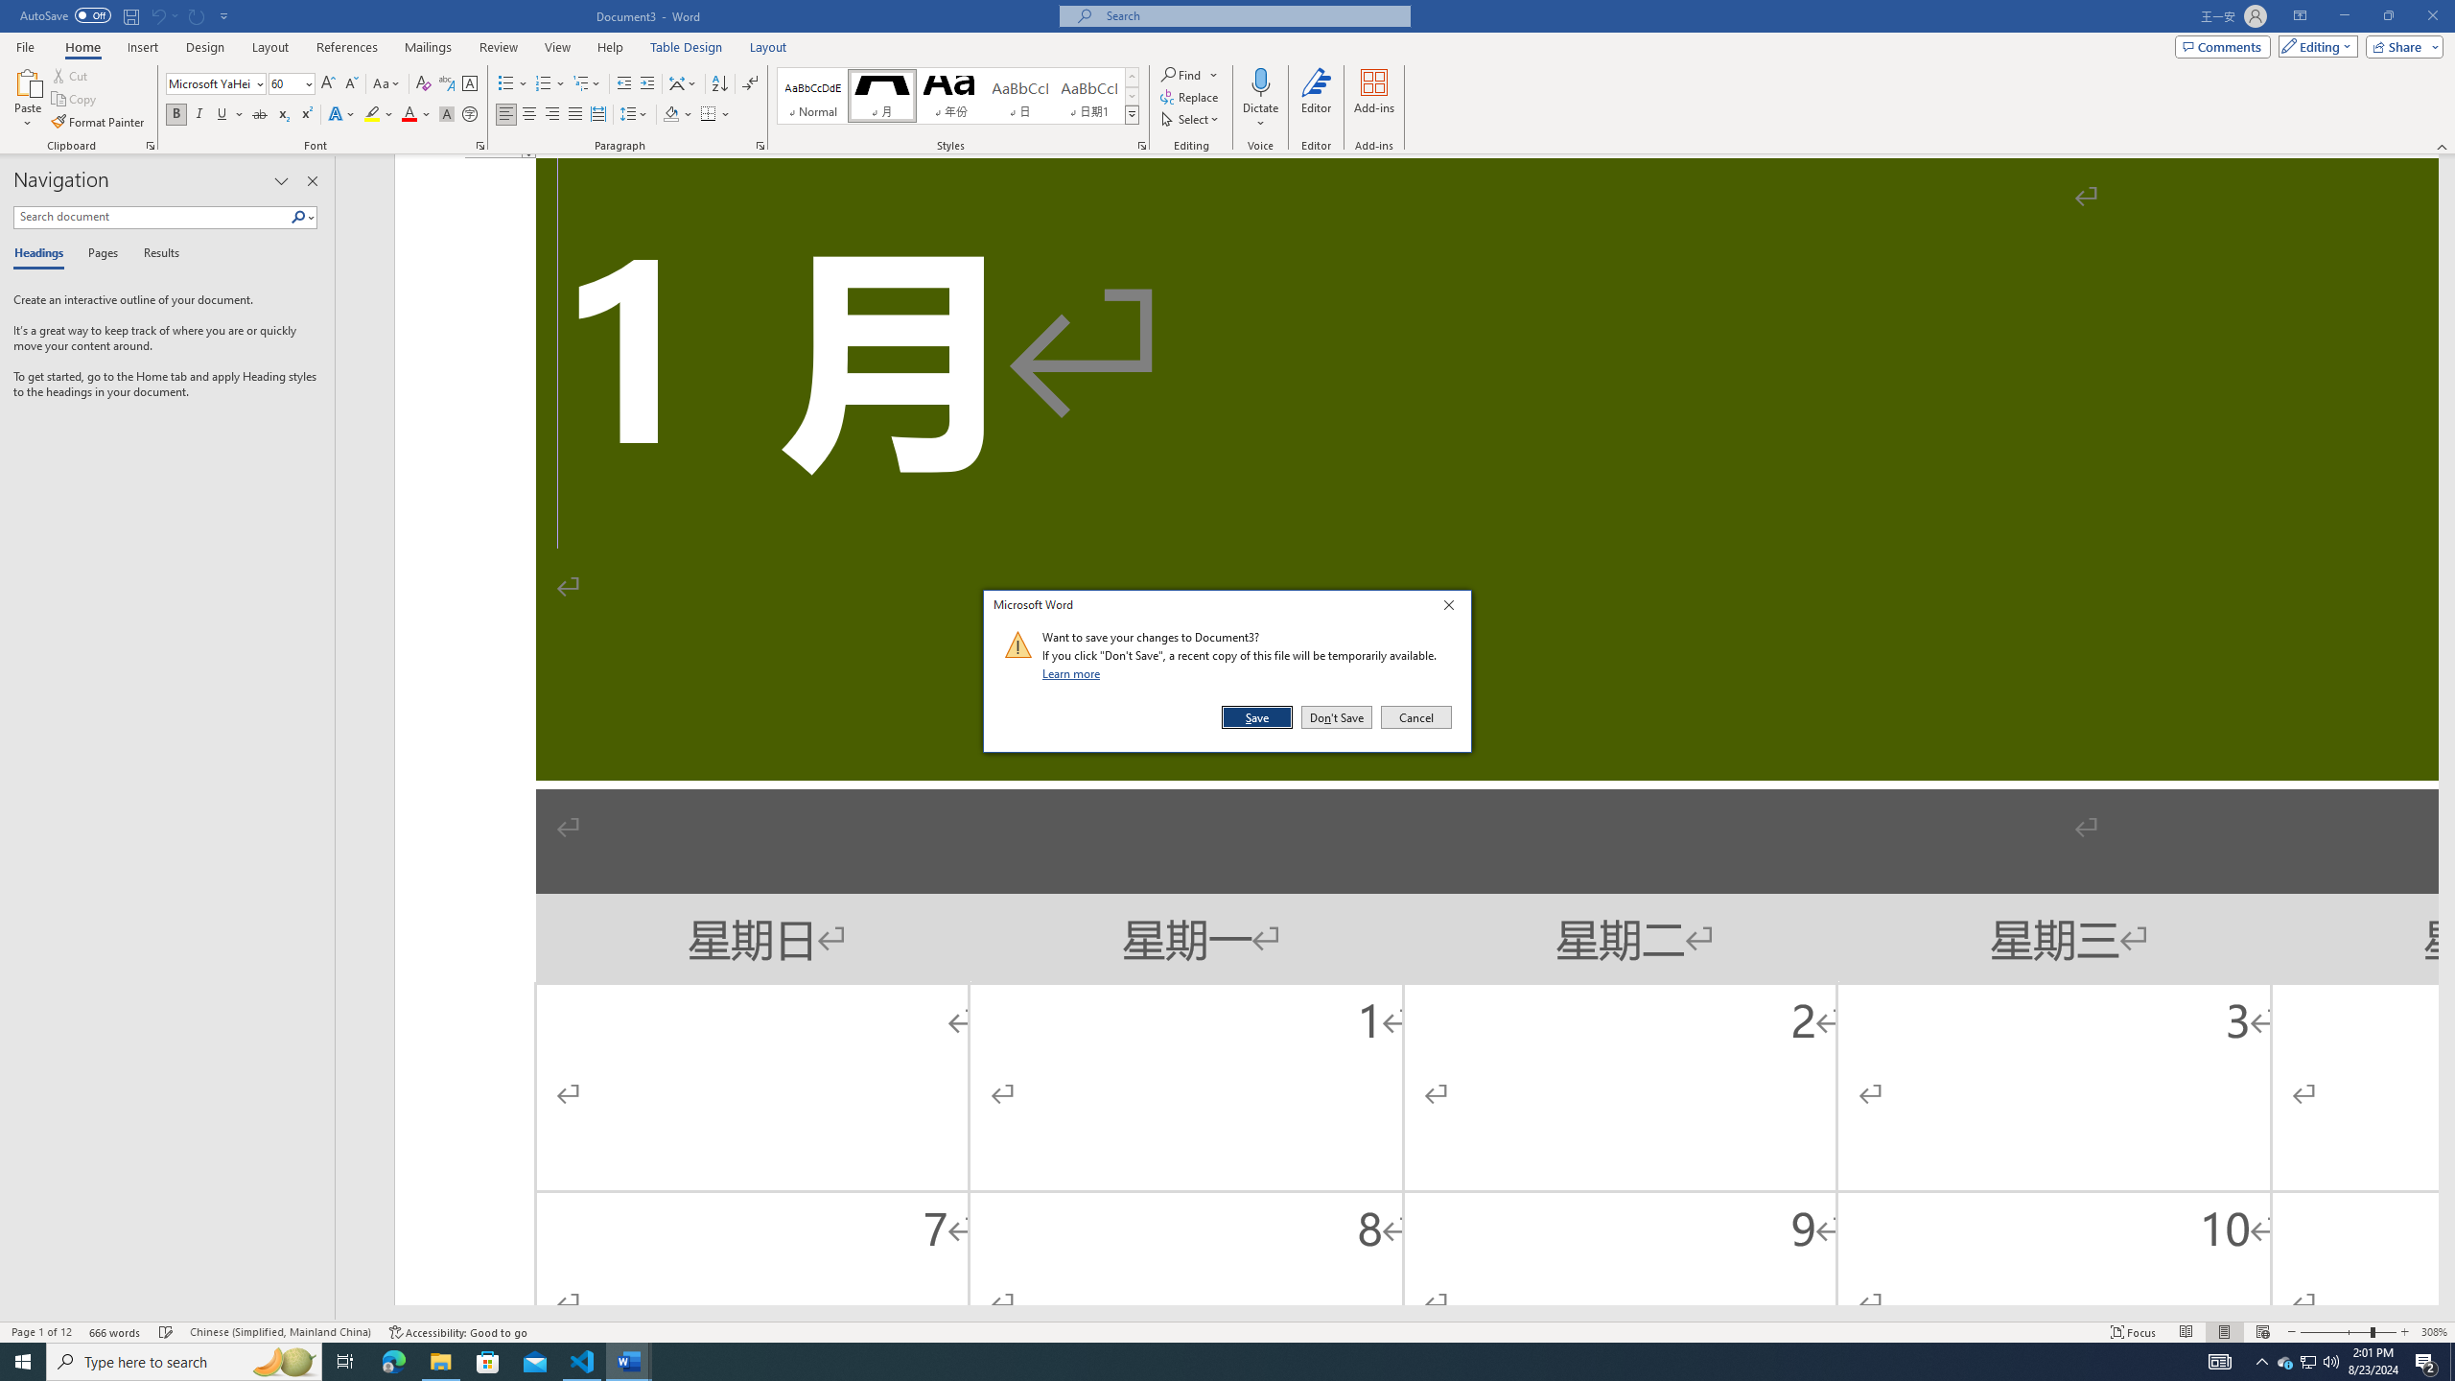 This screenshot has width=2455, height=1381. I want to click on 'File Explorer - 1 running window', so click(439, 1360).